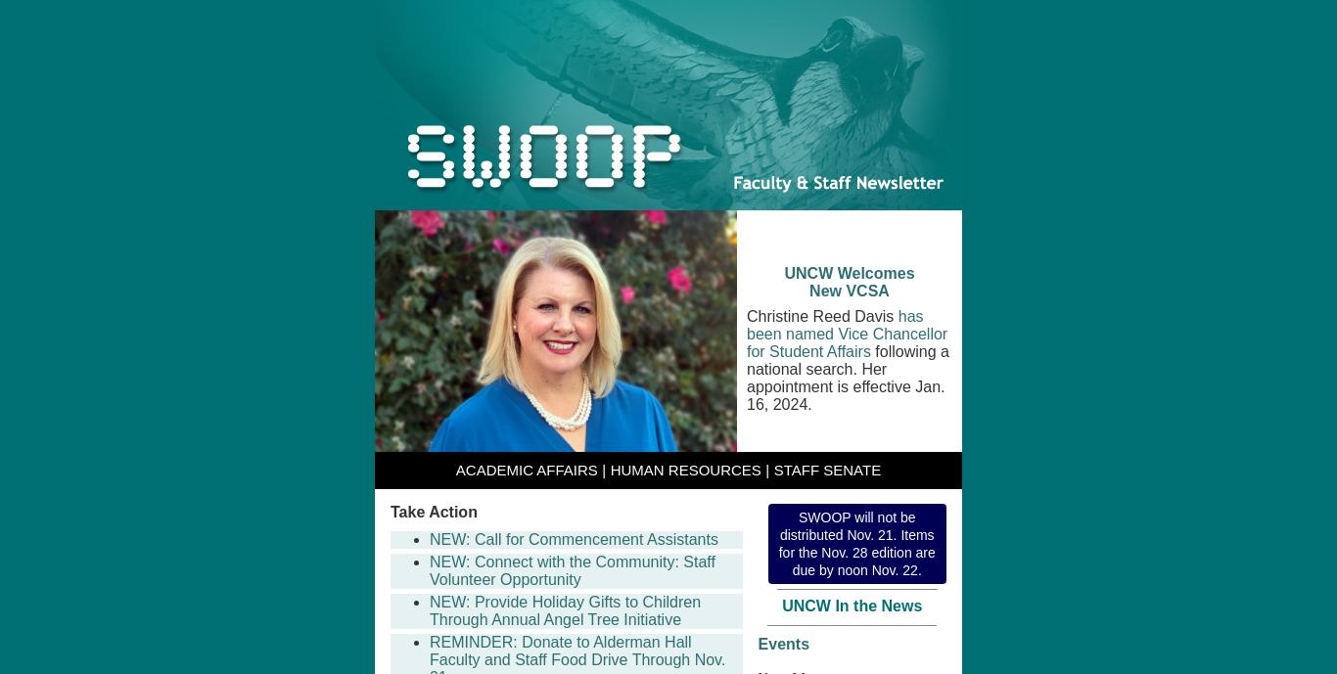 Image resolution: width=1337 pixels, height=674 pixels. Describe the element at coordinates (848, 290) in the screenshot. I see `'New VCSA'` at that location.